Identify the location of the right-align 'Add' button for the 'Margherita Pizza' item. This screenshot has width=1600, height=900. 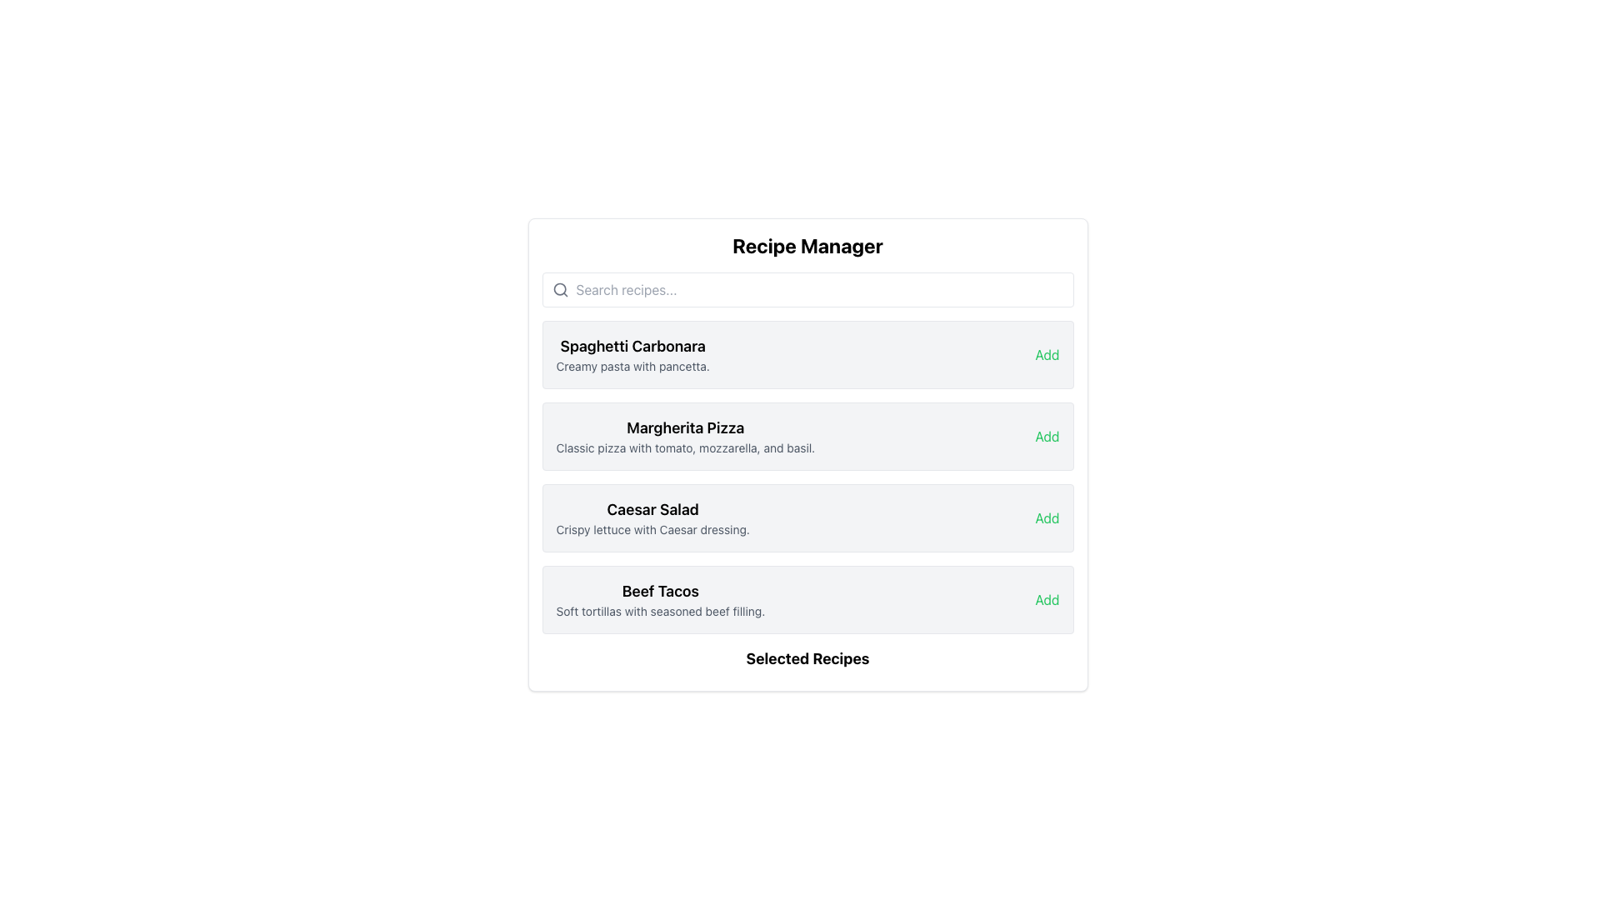
(1047, 436).